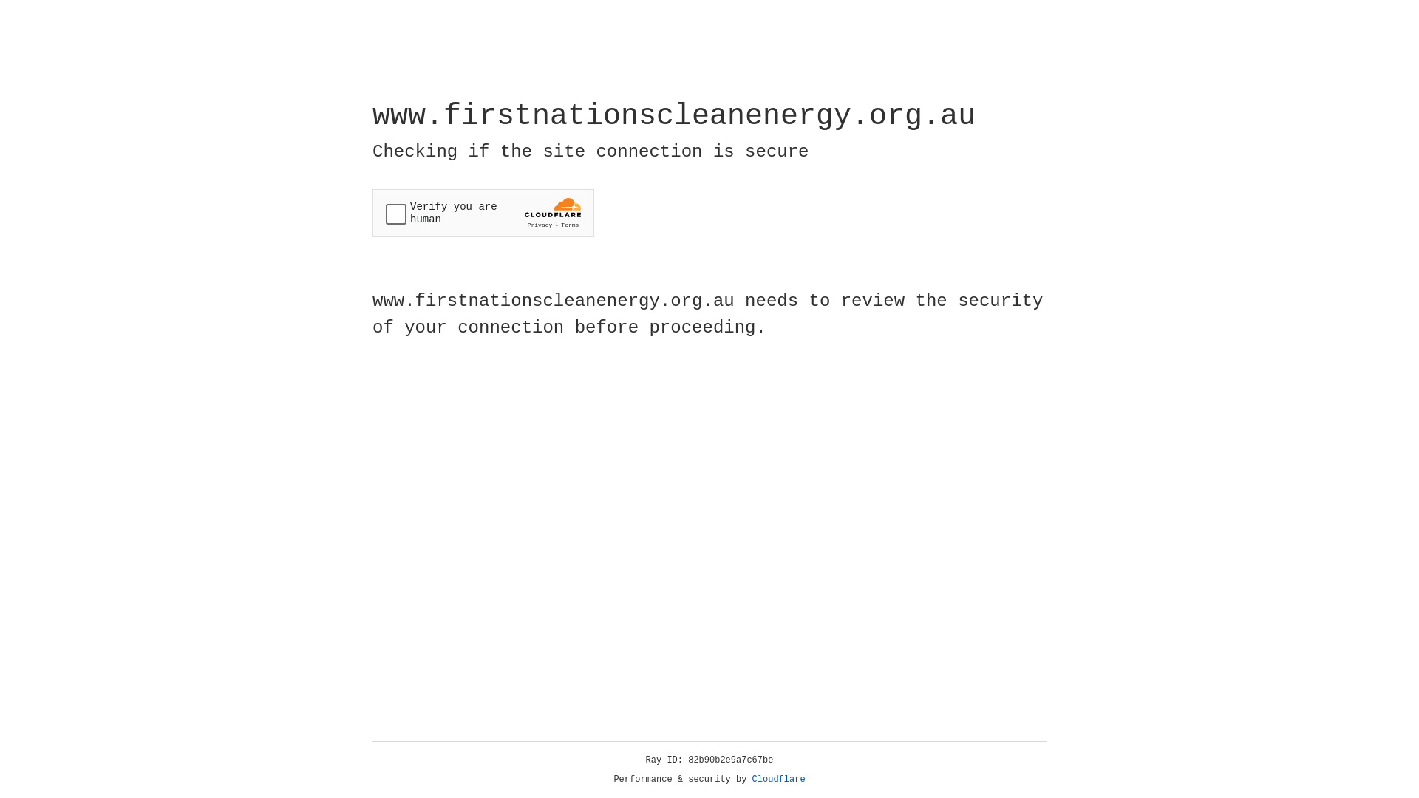 Image resolution: width=1419 pixels, height=798 pixels. Describe the element at coordinates (778, 779) in the screenshot. I see `'Cloudflare'` at that location.